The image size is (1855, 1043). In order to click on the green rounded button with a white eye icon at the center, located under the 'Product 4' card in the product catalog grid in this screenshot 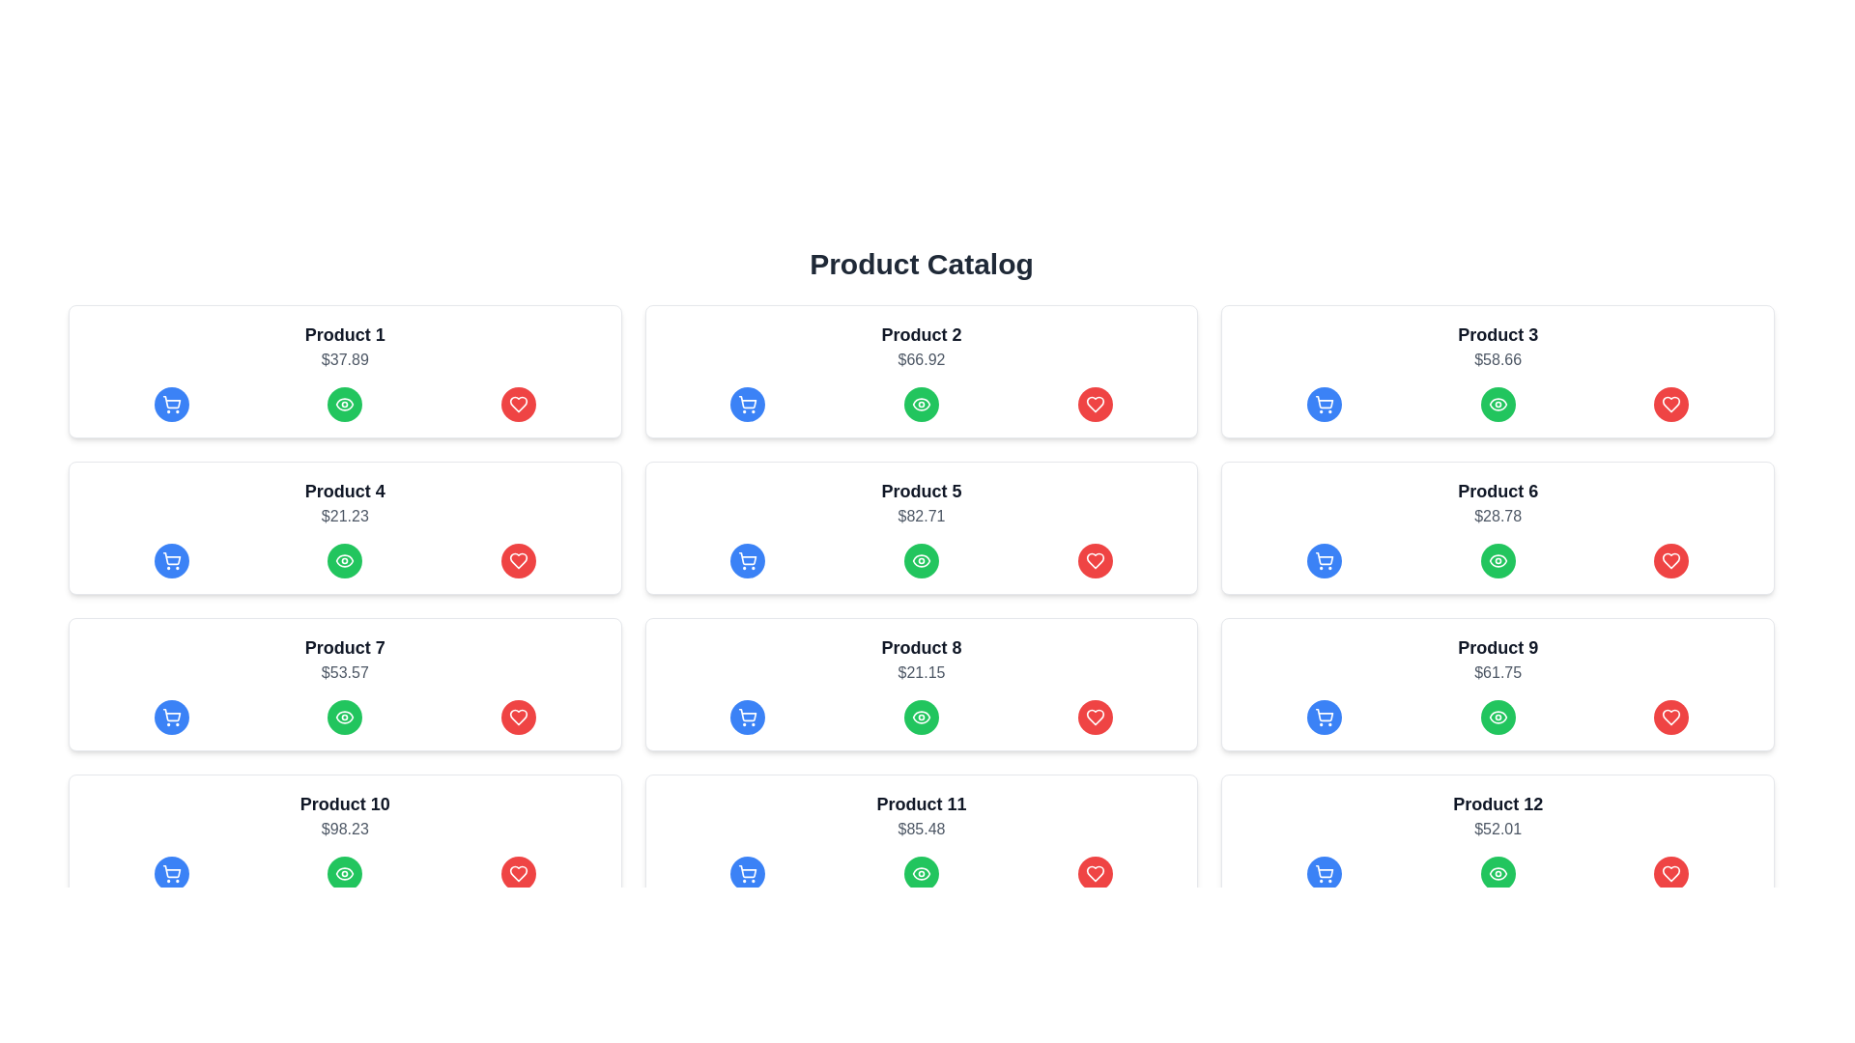, I will do `click(345, 404)`.